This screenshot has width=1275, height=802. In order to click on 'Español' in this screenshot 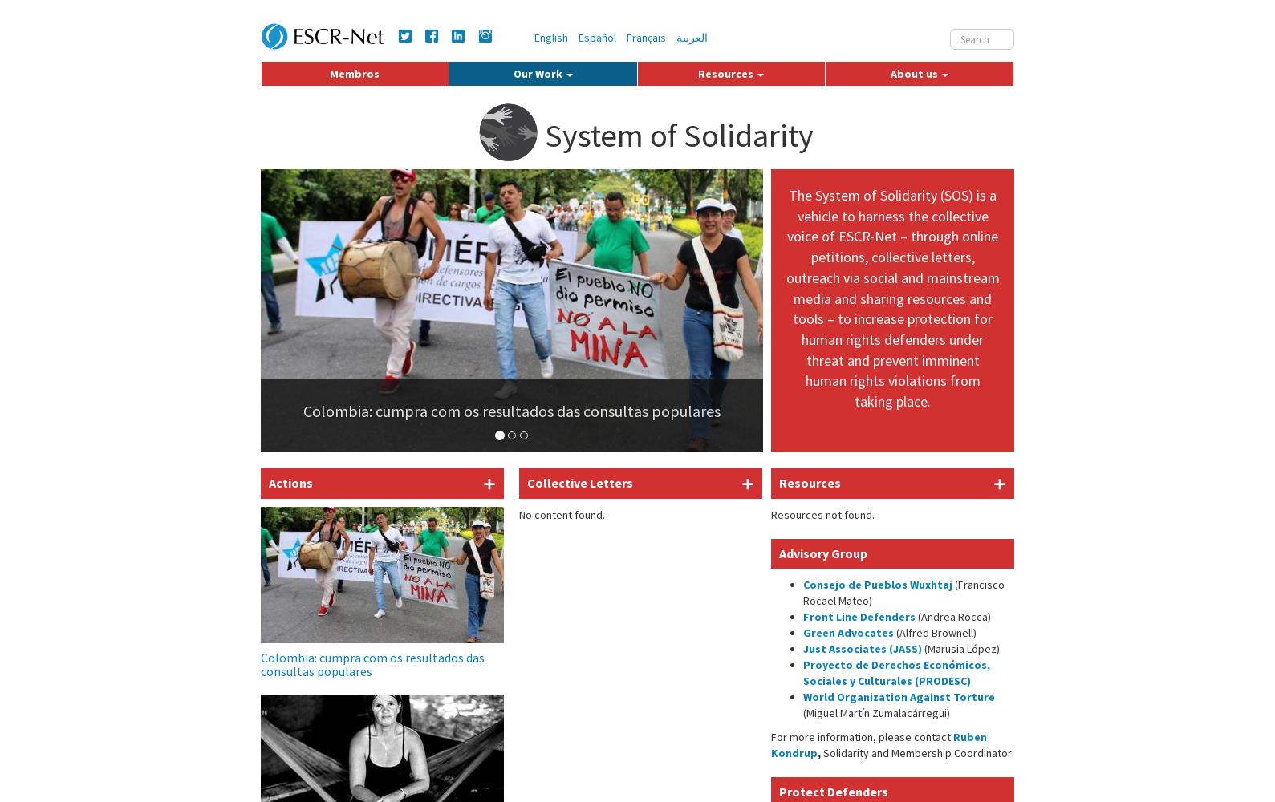, I will do `click(597, 38)`.